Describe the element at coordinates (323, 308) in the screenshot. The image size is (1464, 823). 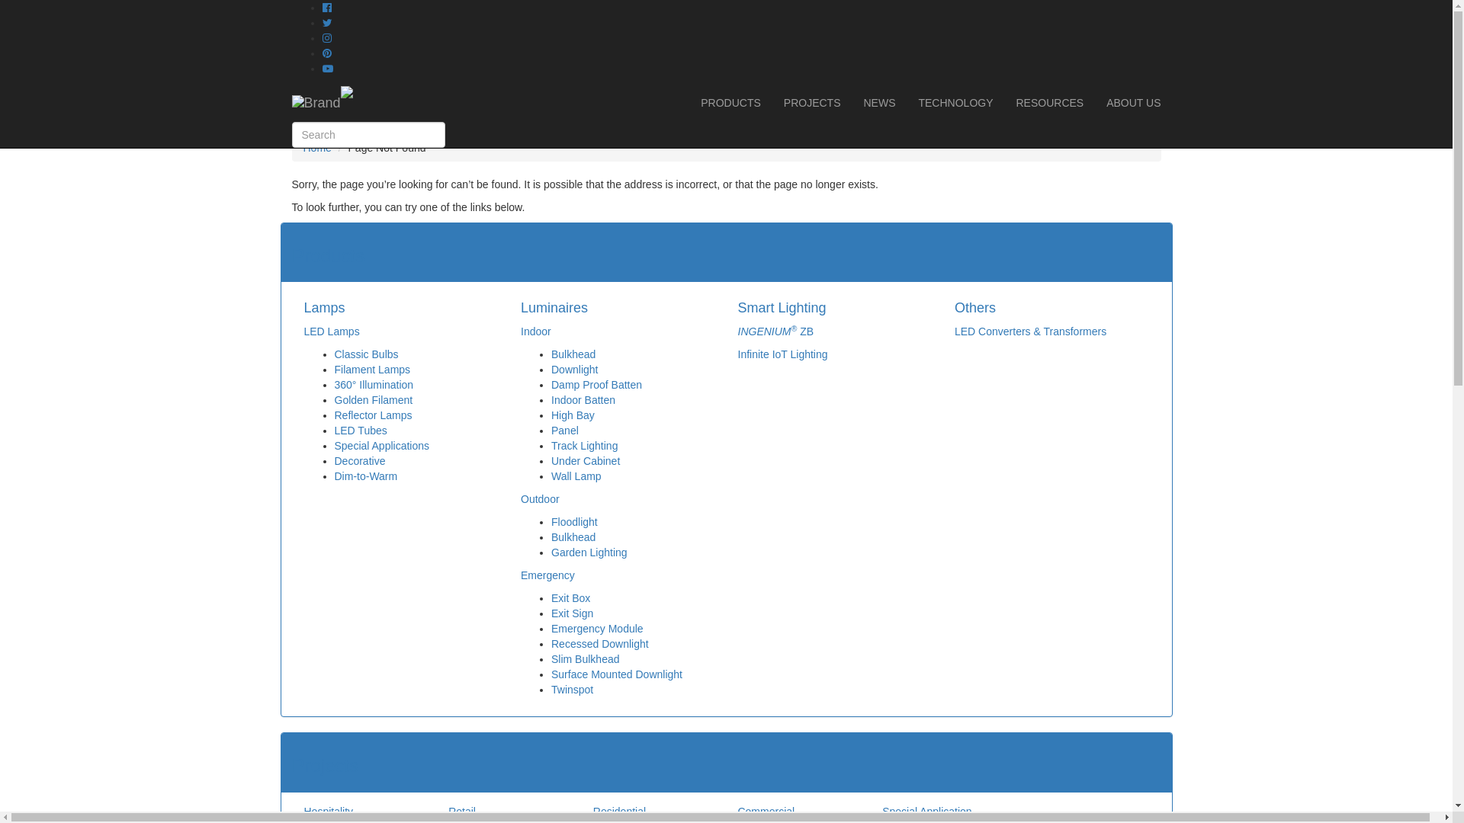
I see `'Lamps'` at that location.